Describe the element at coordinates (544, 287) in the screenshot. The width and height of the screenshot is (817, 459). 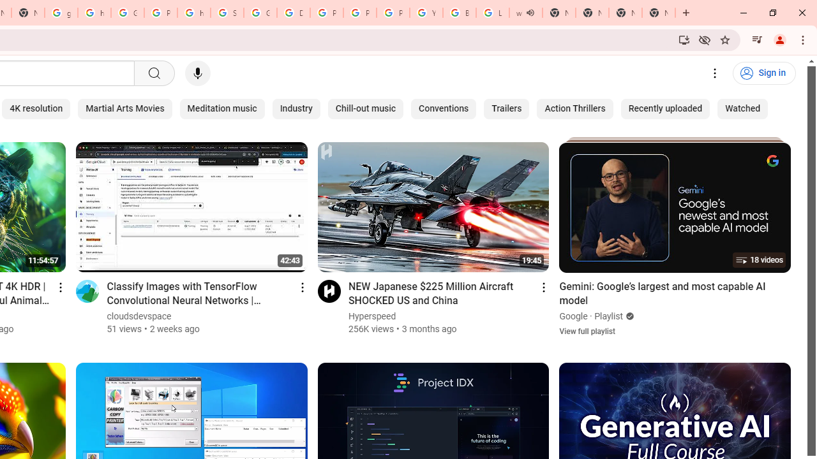
I see `'Action menu'` at that location.